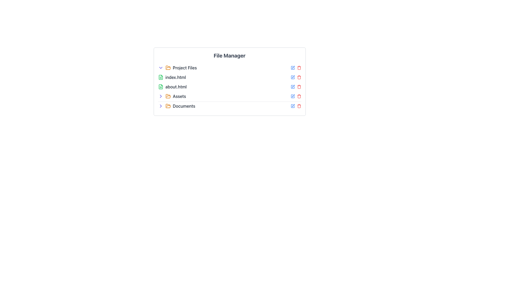 Image resolution: width=507 pixels, height=285 pixels. Describe the element at coordinates (292, 96) in the screenshot. I see `the blue-colored pen icon at the end of the row corresponding to the 'Assets' item in the table to initiate the editing functionality` at that location.